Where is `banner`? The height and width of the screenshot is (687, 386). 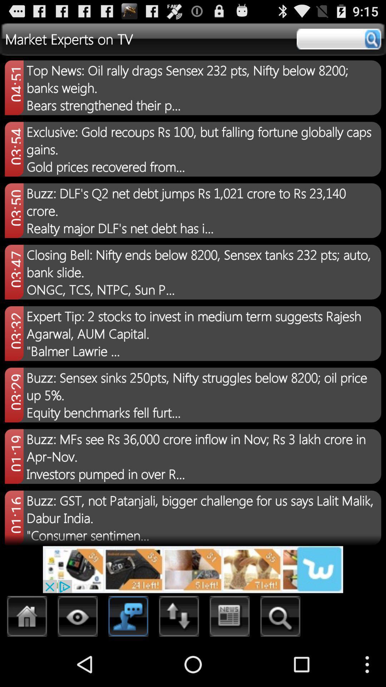 banner is located at coordinates (193, 569).